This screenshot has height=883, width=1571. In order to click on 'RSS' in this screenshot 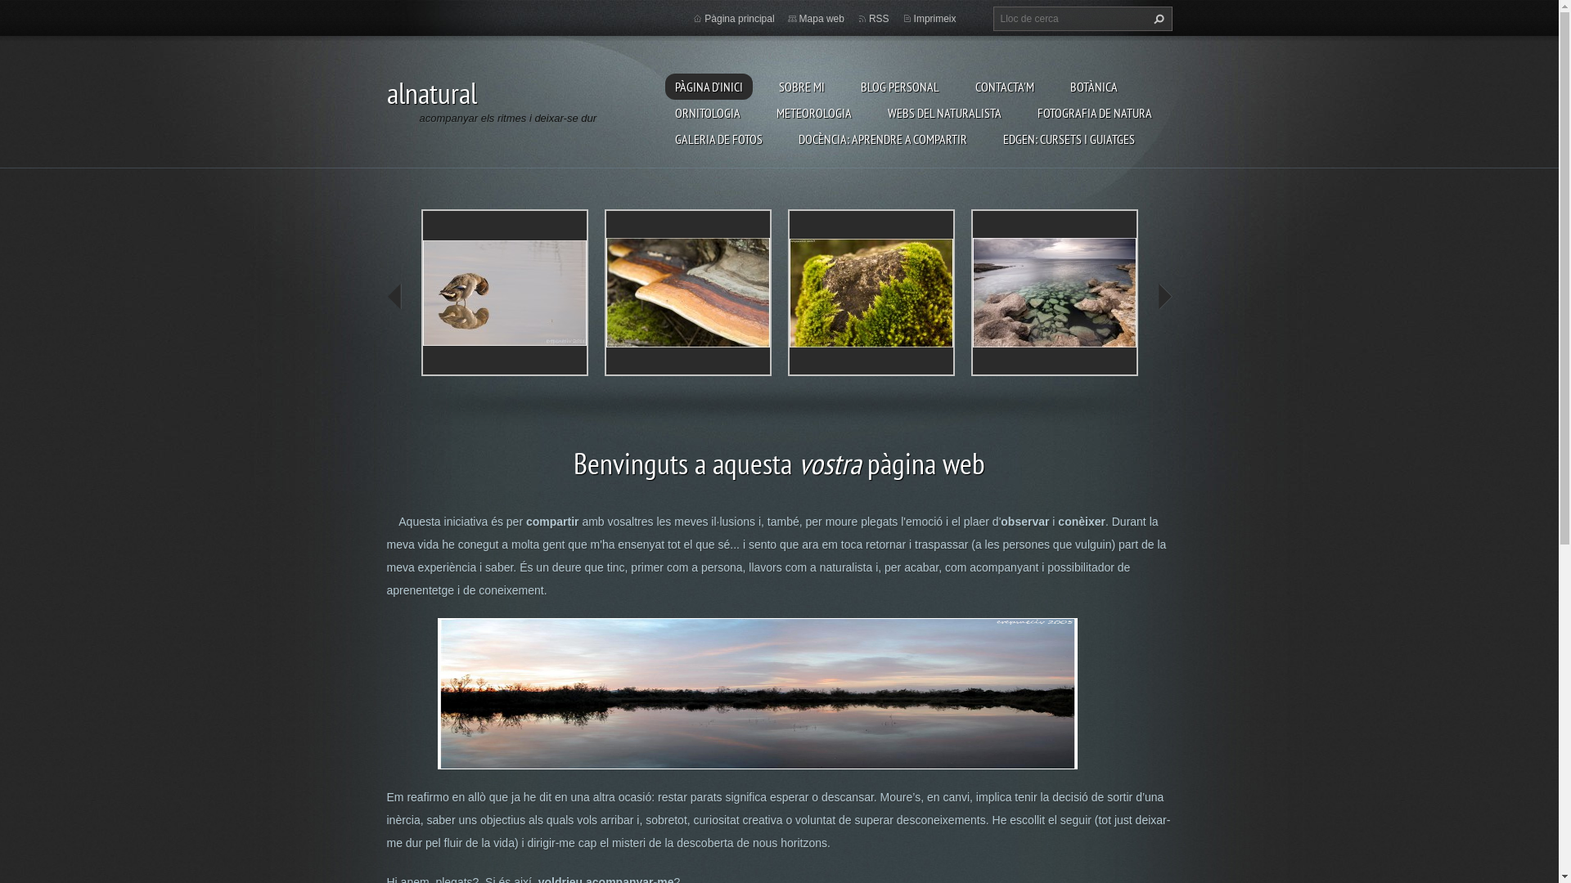, I will do `click(878, 19)`.